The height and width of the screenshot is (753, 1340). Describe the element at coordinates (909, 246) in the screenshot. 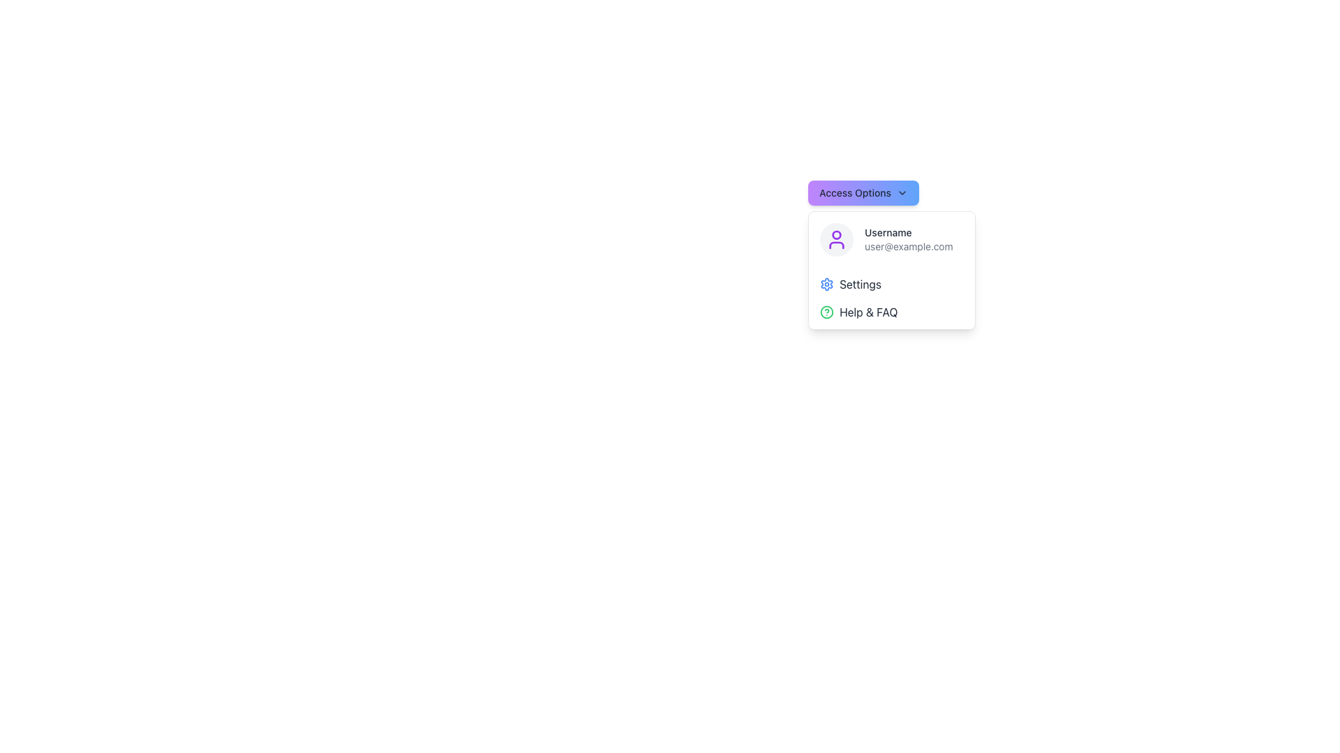

I see `the text label displaying the user's email address, which is located beneath the username in a stacked text arrangement within a dropdown panel` at that location.